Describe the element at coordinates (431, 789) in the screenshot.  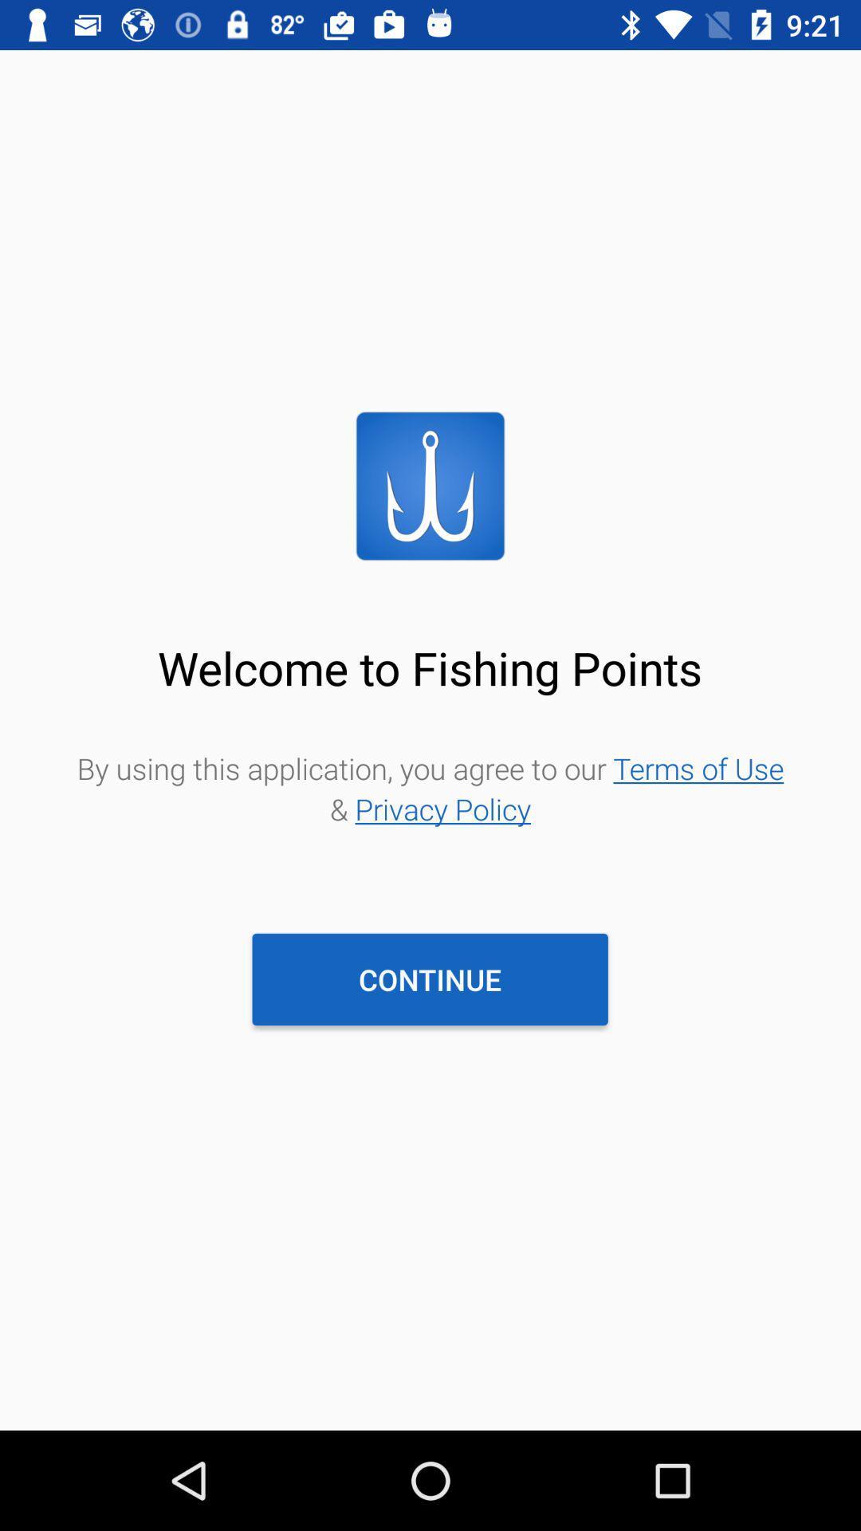
I see `by using this item` at that location.